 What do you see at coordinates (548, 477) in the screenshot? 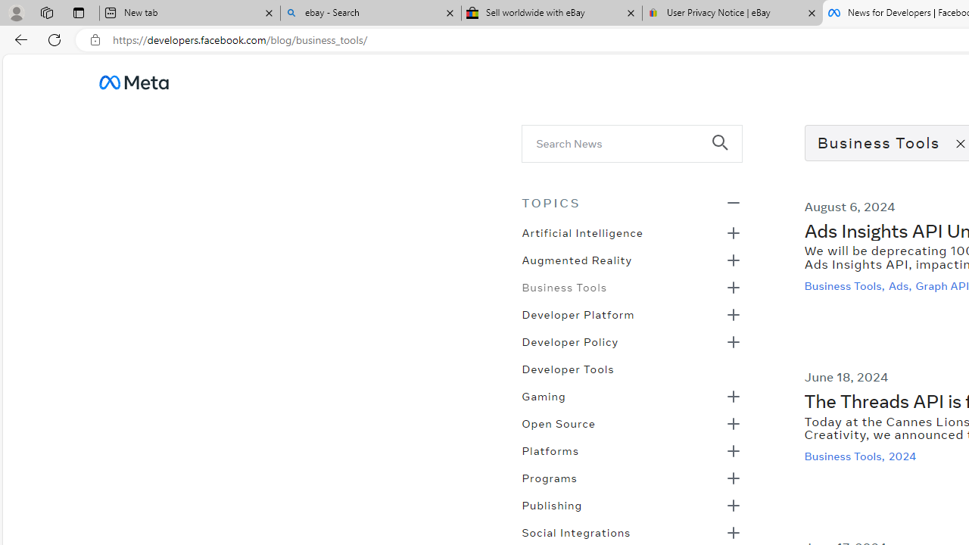
I see `'Programs'` at bounding box center [548, 477].